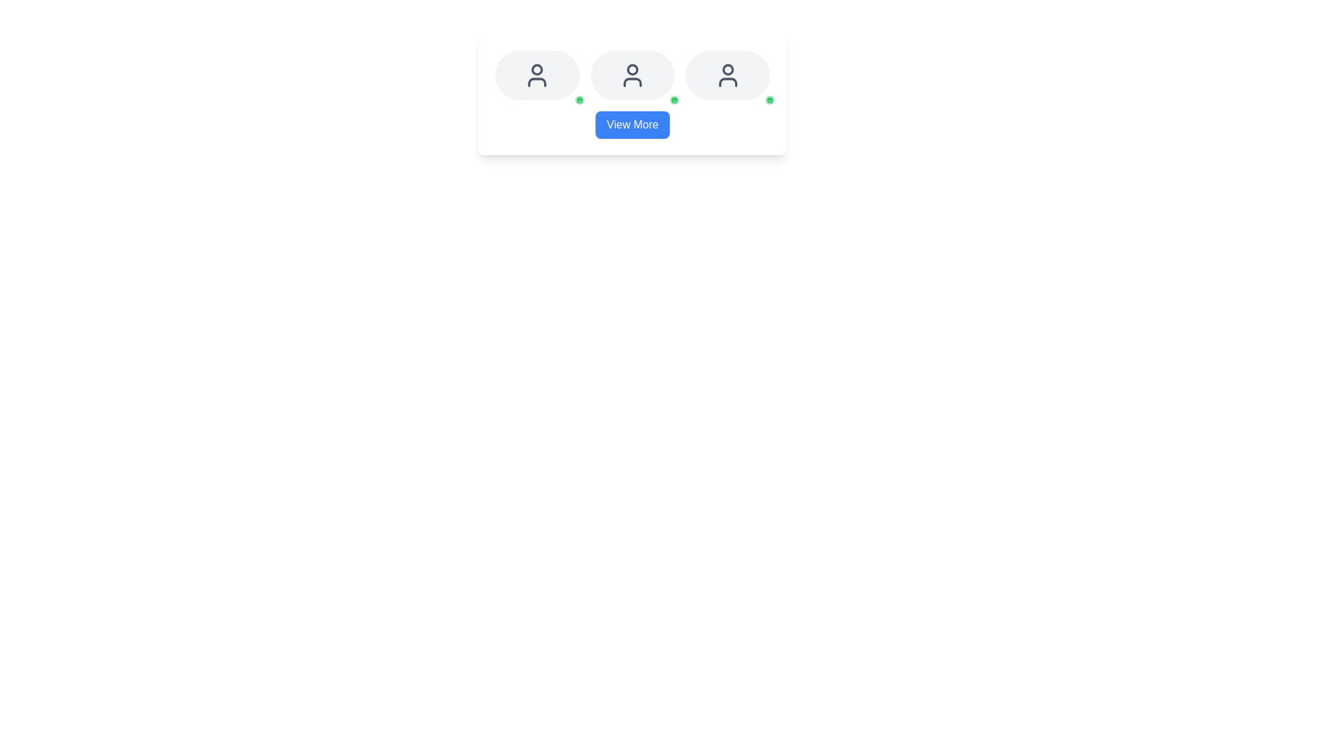  Describe the element at coordinates (769, 100) in the screenshot. I see `the Status Indicator located in the bottom-right corner of the profile icon, which provides visual feedback about the activity or status` at that location.